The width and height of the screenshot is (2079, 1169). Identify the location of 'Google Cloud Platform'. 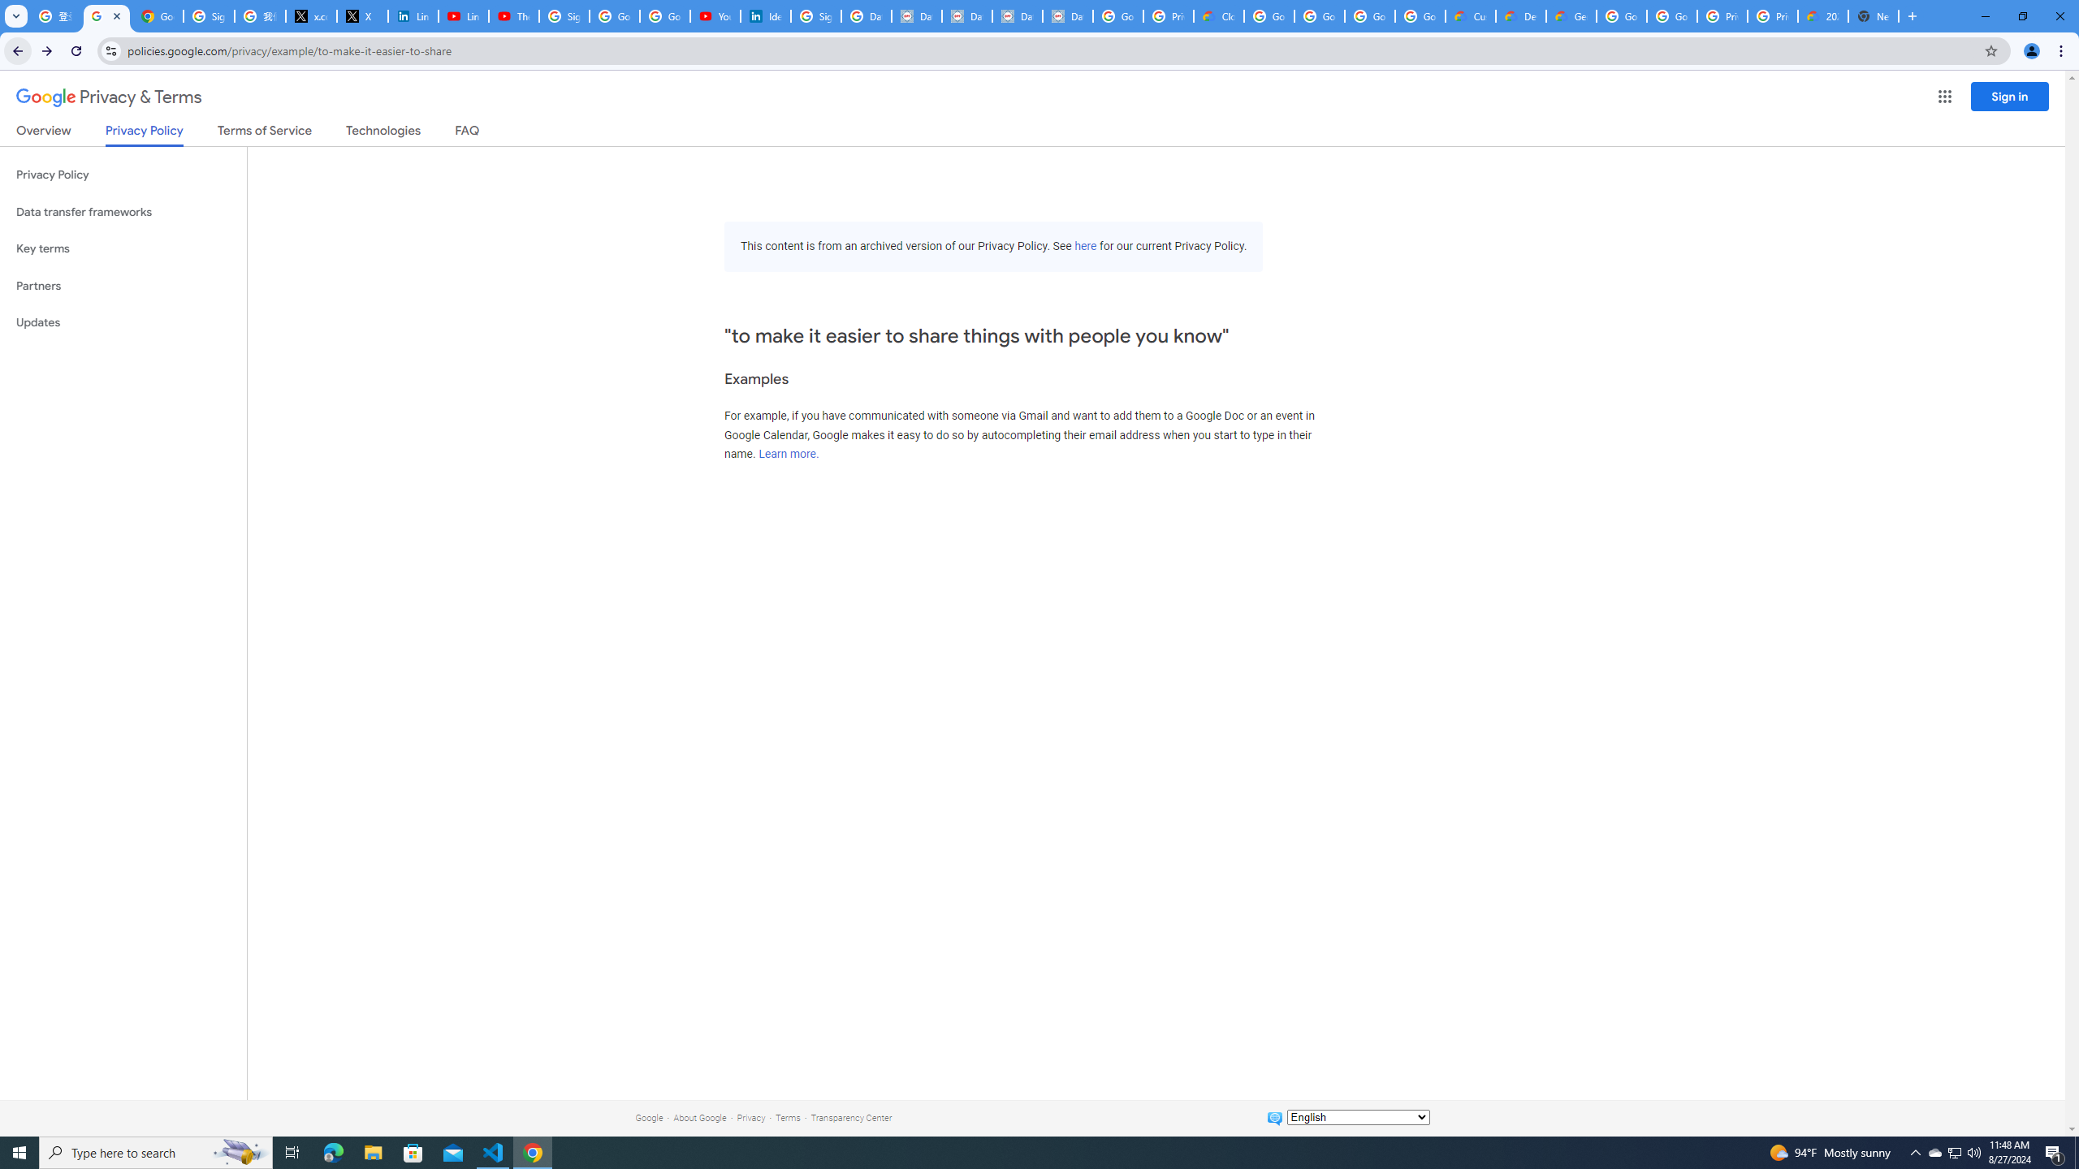
(1621, 15).